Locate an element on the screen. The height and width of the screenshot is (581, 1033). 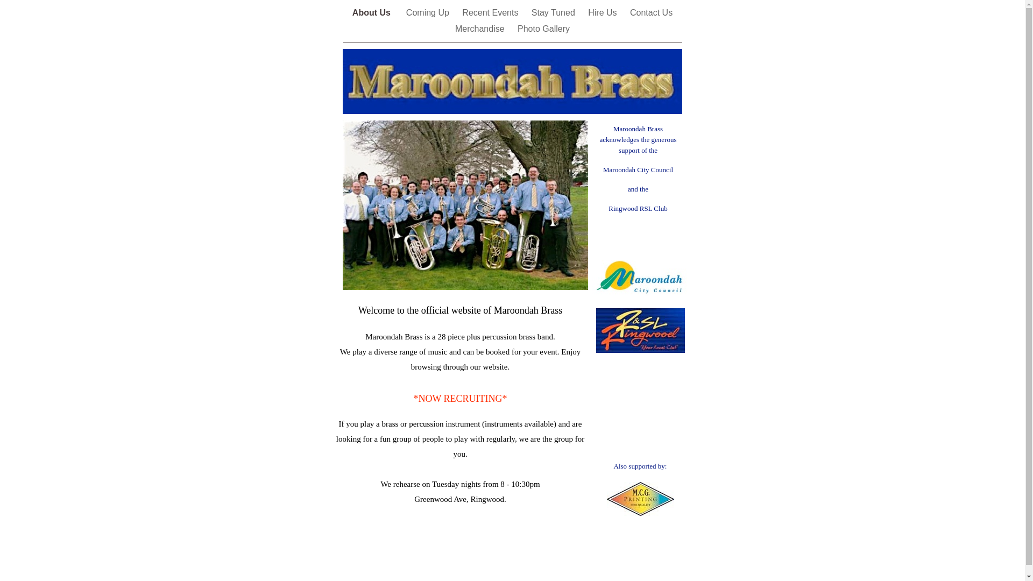
'http://www.maroondah.vic.gov.au/' is located at coordinates (640, 297).